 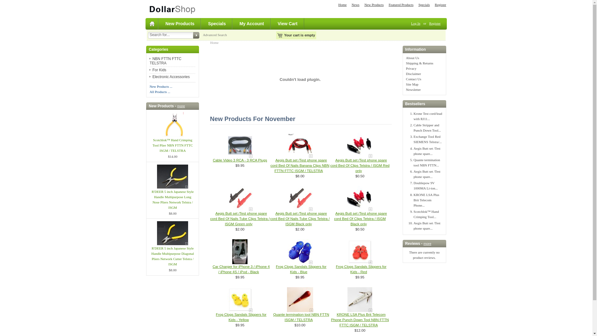 I want to click on 'Newsletter', so click(x=406, y=90).